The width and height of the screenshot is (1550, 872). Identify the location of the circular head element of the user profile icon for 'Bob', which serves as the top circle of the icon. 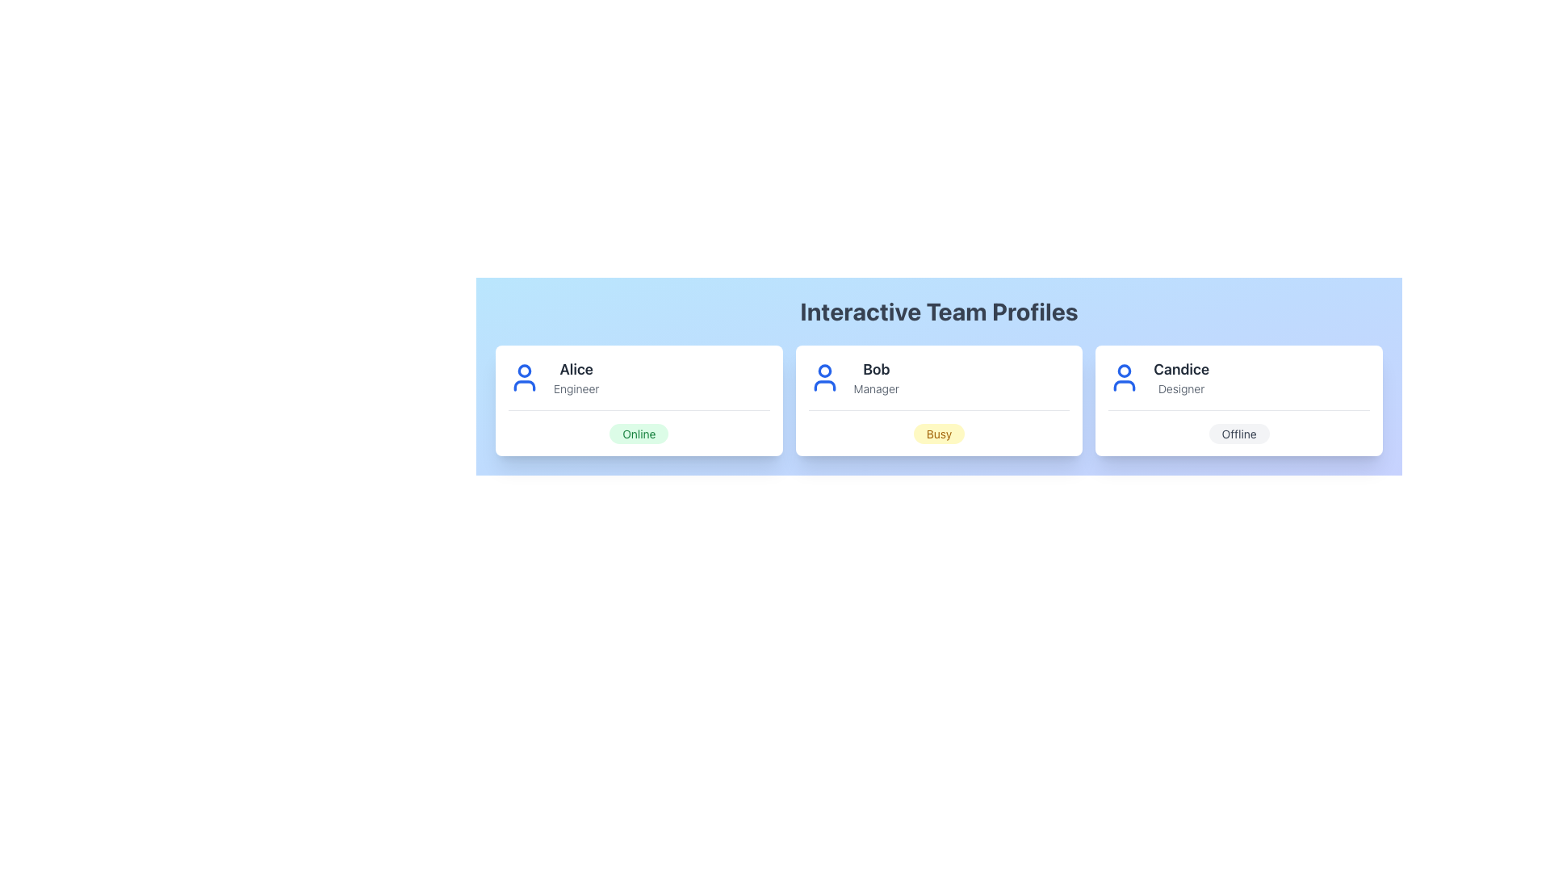
(824, 371).